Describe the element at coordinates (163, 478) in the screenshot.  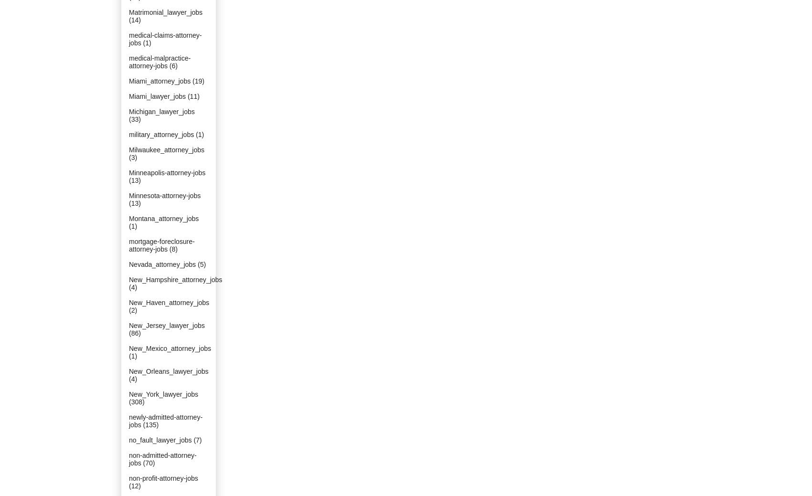
I see `'non-profit-attorney-jobs'` at that location.